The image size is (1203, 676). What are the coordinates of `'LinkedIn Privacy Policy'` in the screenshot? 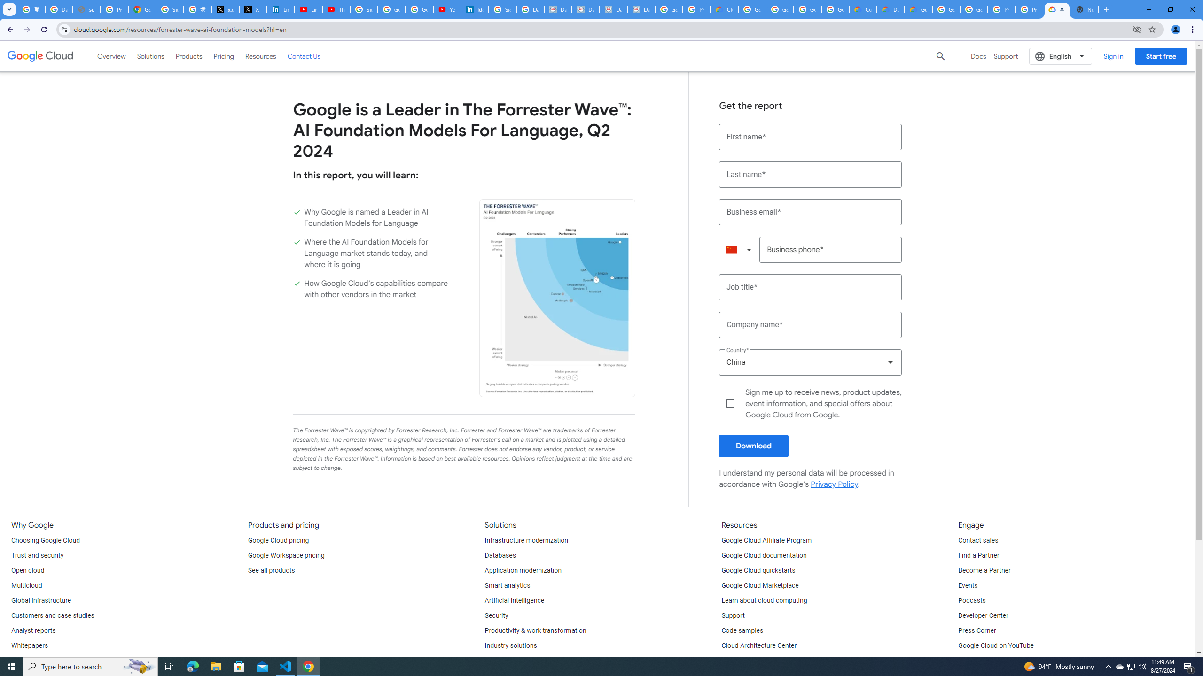 It's located at (280, 9).